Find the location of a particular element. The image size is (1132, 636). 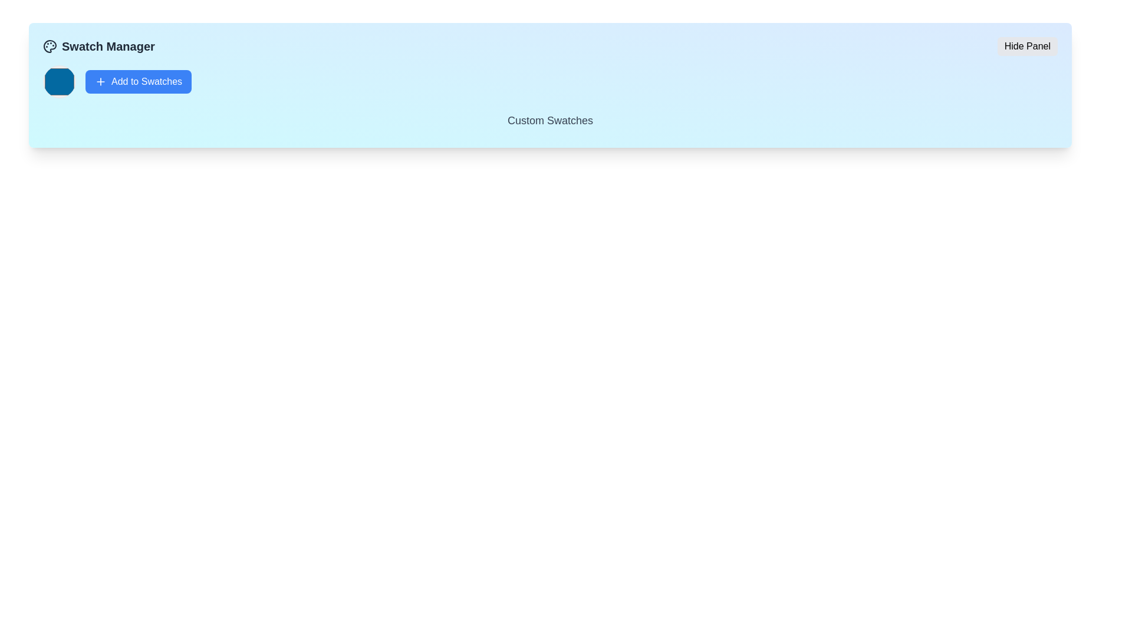

the 'Add to Swatches' button, which has a blue background and a white '+' icon, to invoke its functionality is located at coordinates (139, 81).